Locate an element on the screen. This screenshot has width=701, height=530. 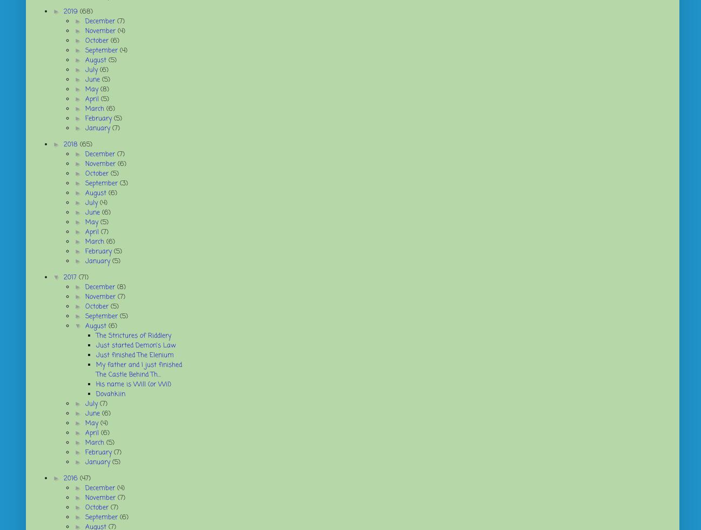
'2016' is located at coordinates (71, 479).